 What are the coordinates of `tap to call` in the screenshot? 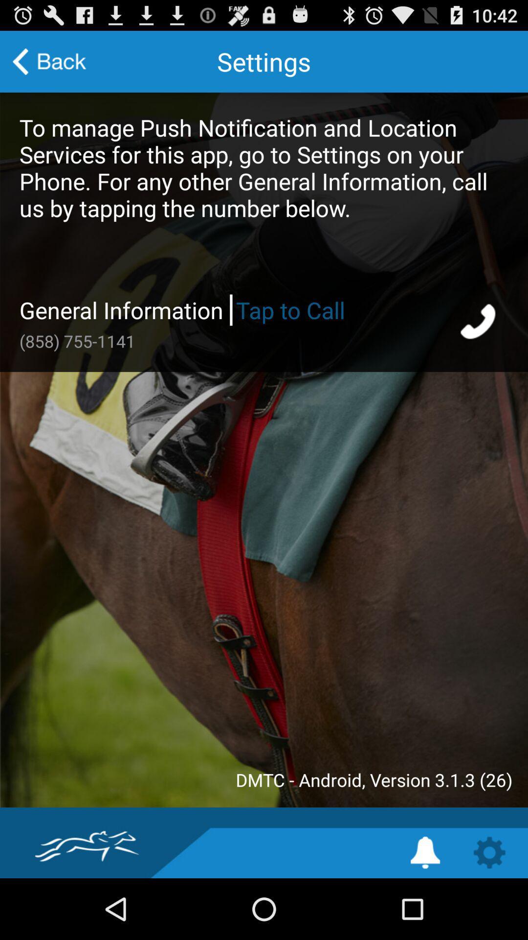 It's located at (479, 323).